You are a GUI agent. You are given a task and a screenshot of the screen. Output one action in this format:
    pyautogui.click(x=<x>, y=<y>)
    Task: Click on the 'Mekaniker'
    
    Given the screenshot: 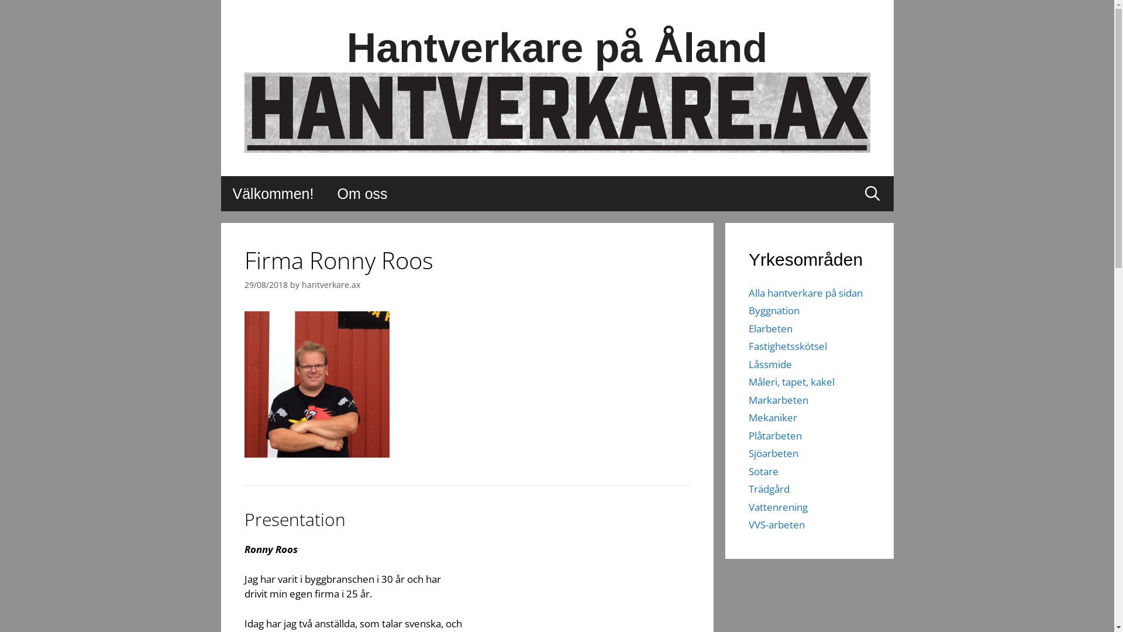 What is the action you would take?
    pyautogui.click(x=773, y=417)
    